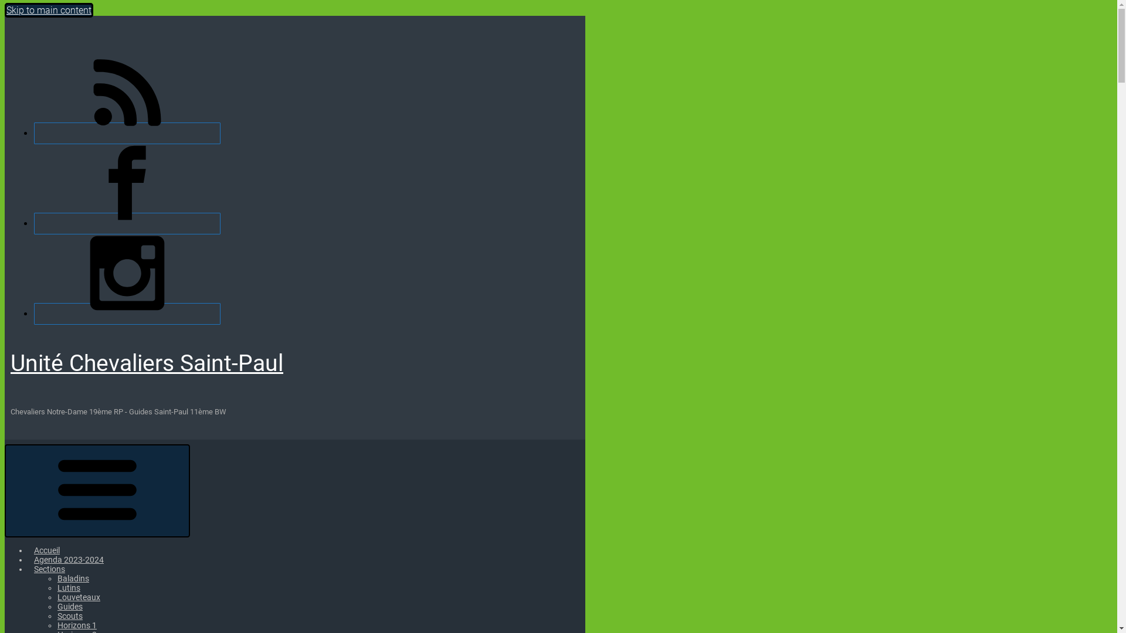  I want to click on 'Agenda 2023-2024', so click(68, 559).